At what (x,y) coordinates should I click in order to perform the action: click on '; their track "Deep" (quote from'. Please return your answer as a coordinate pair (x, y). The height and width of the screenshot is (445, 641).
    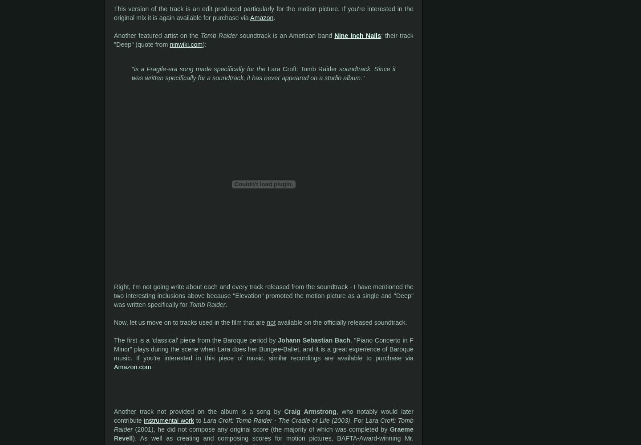
    Looking at the image, I should click on (114, 40).